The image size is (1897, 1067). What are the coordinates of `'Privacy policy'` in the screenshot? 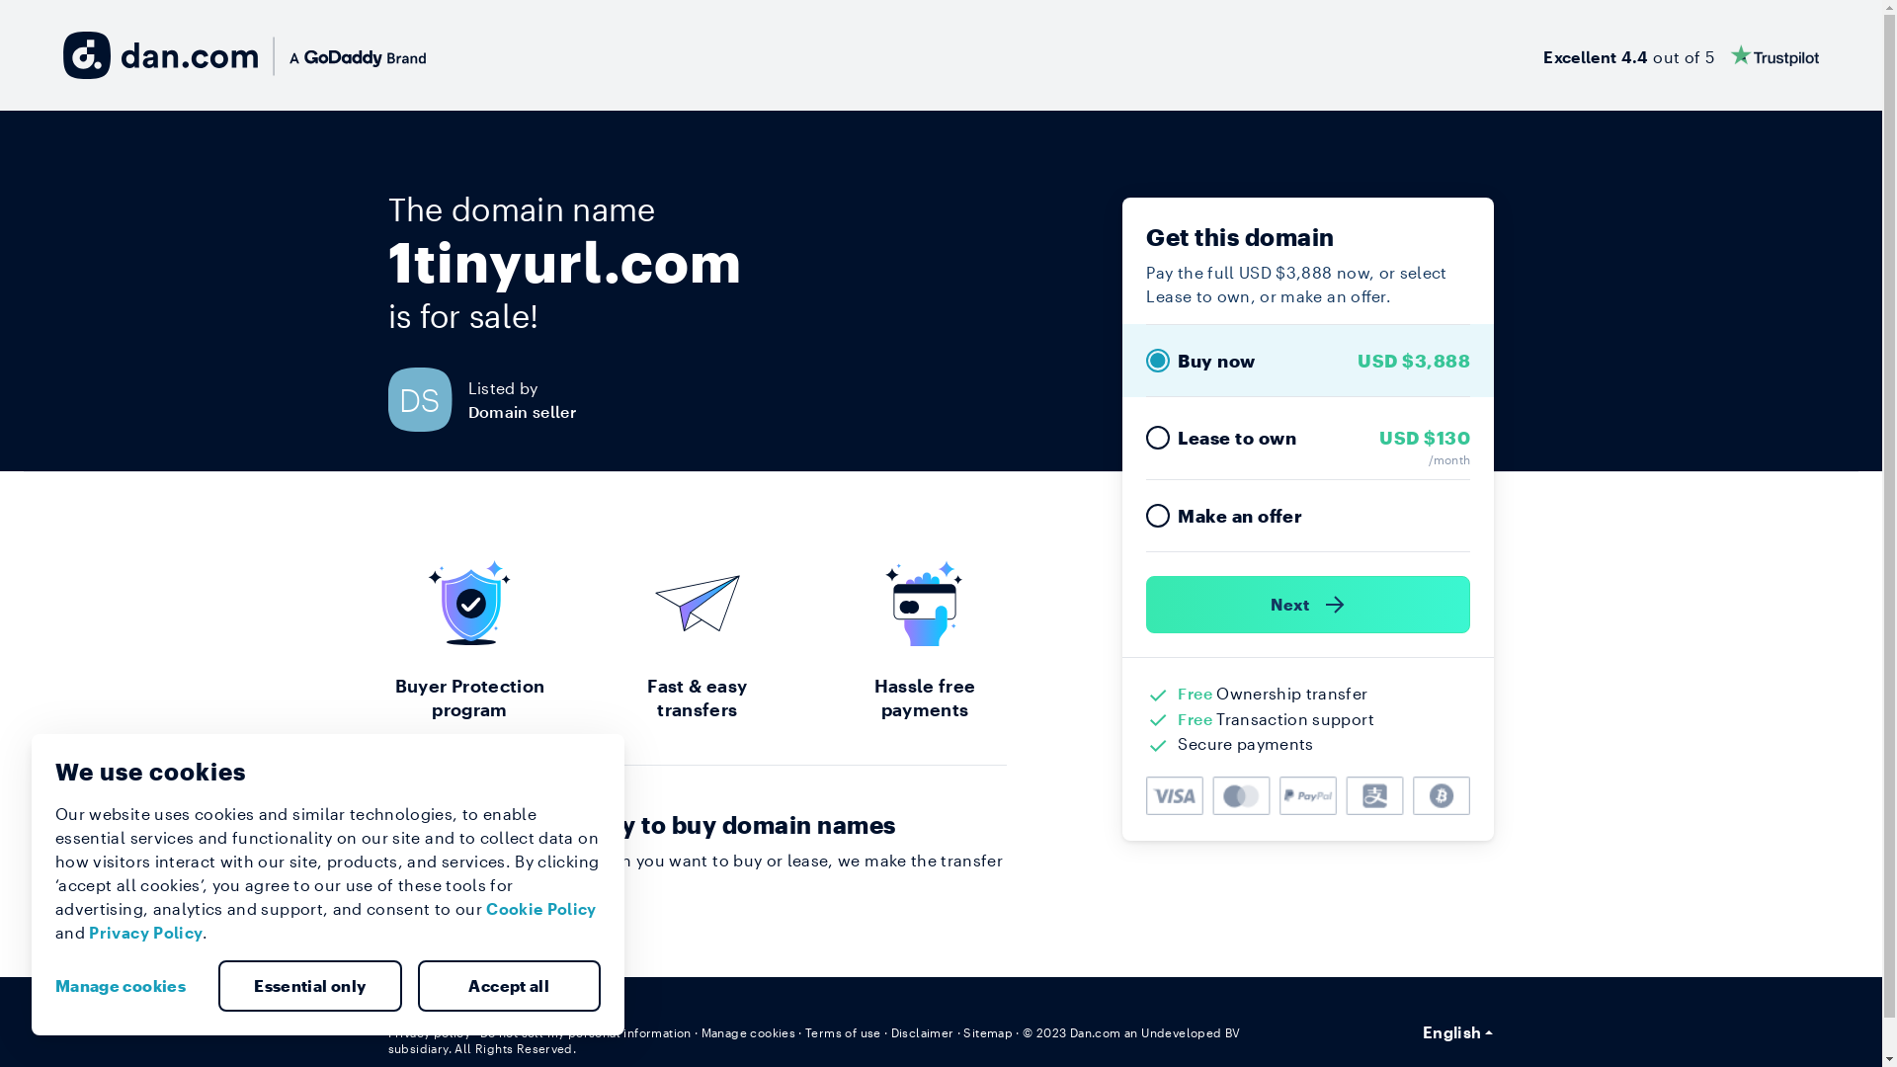 It's located at (427, 1031).